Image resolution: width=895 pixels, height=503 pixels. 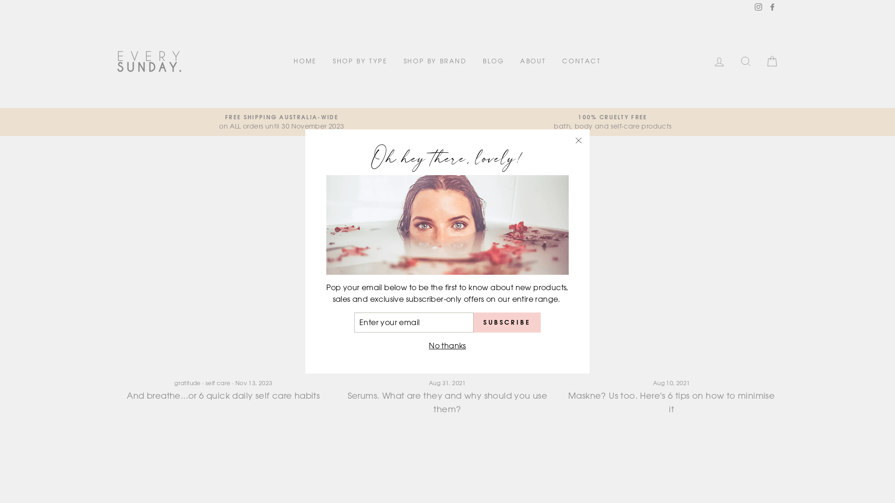 I want to click on 'SHOP BY BRAND', so click(x=435, y=61).